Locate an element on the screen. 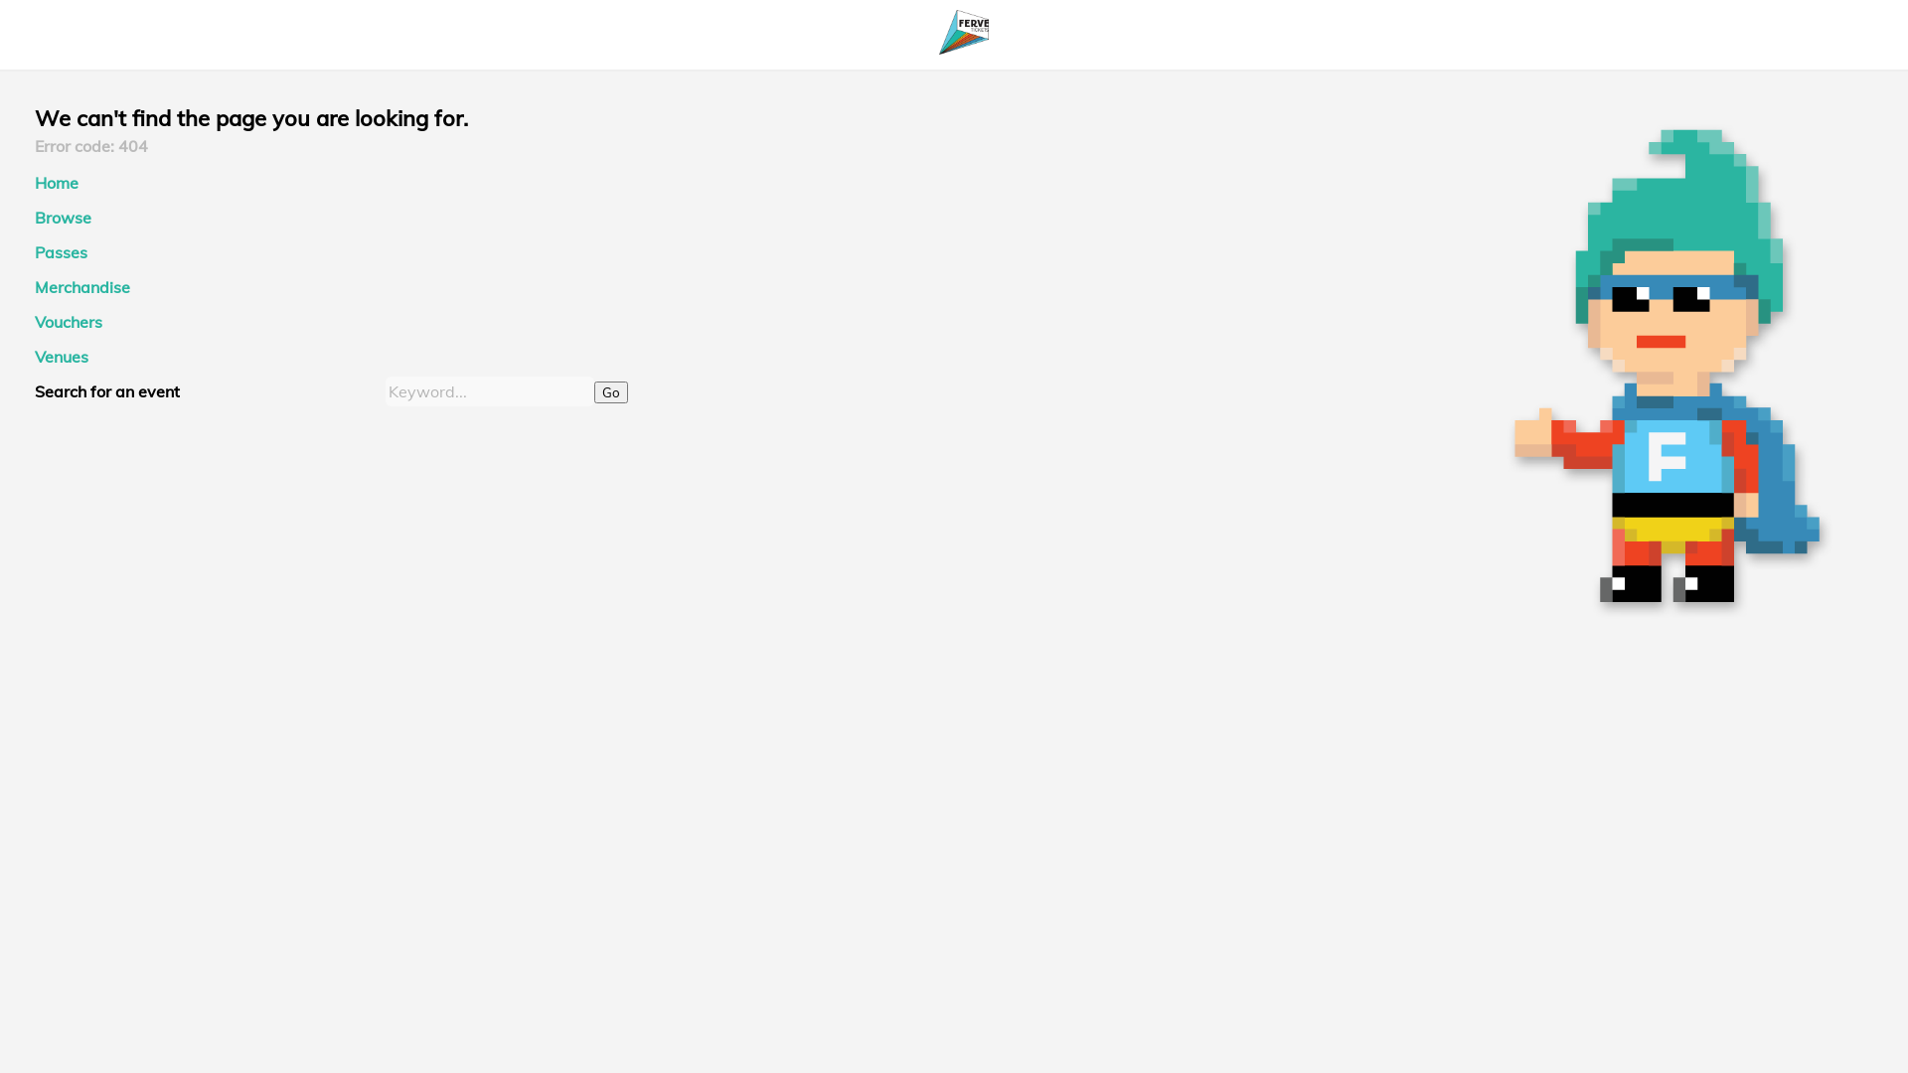 This screenshot has height=1073, width=1908. 'Vouchers' is located at coordinates (68, 321).